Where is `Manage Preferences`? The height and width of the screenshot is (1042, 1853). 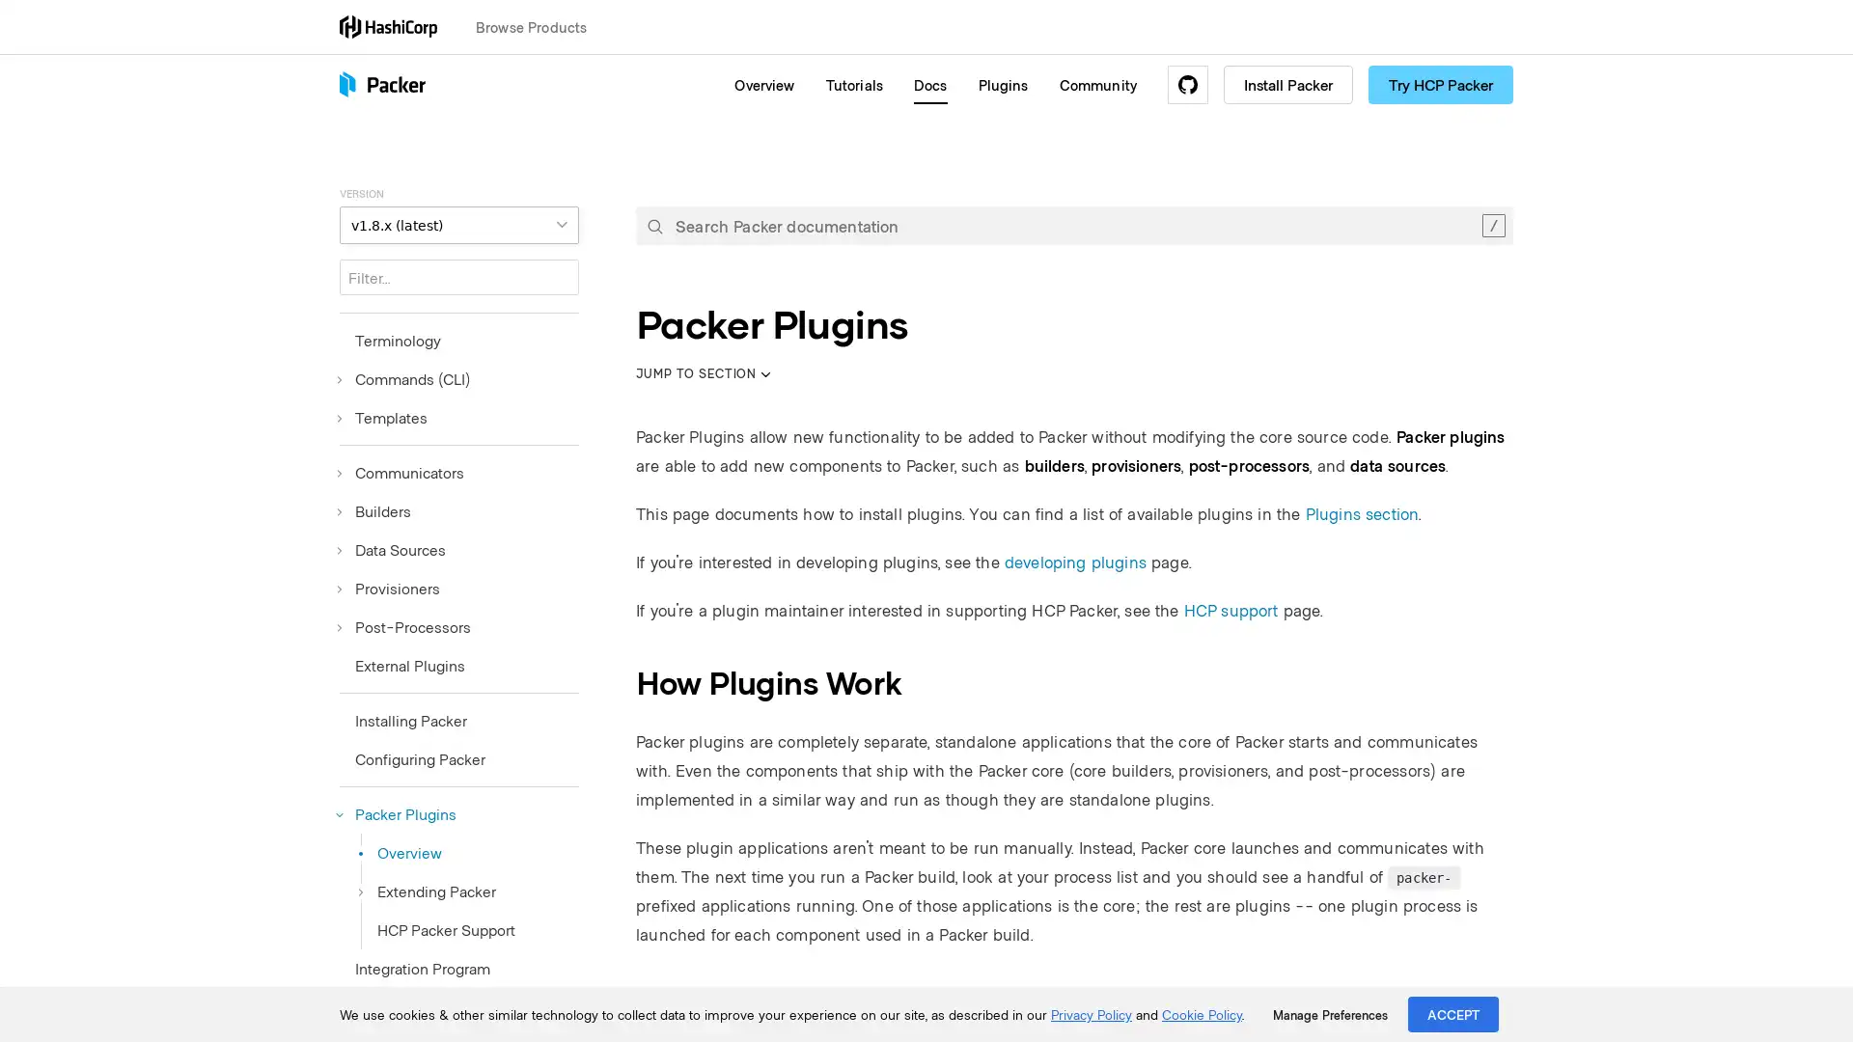
Manage Preferences is located at coordinates (1329, 1014).